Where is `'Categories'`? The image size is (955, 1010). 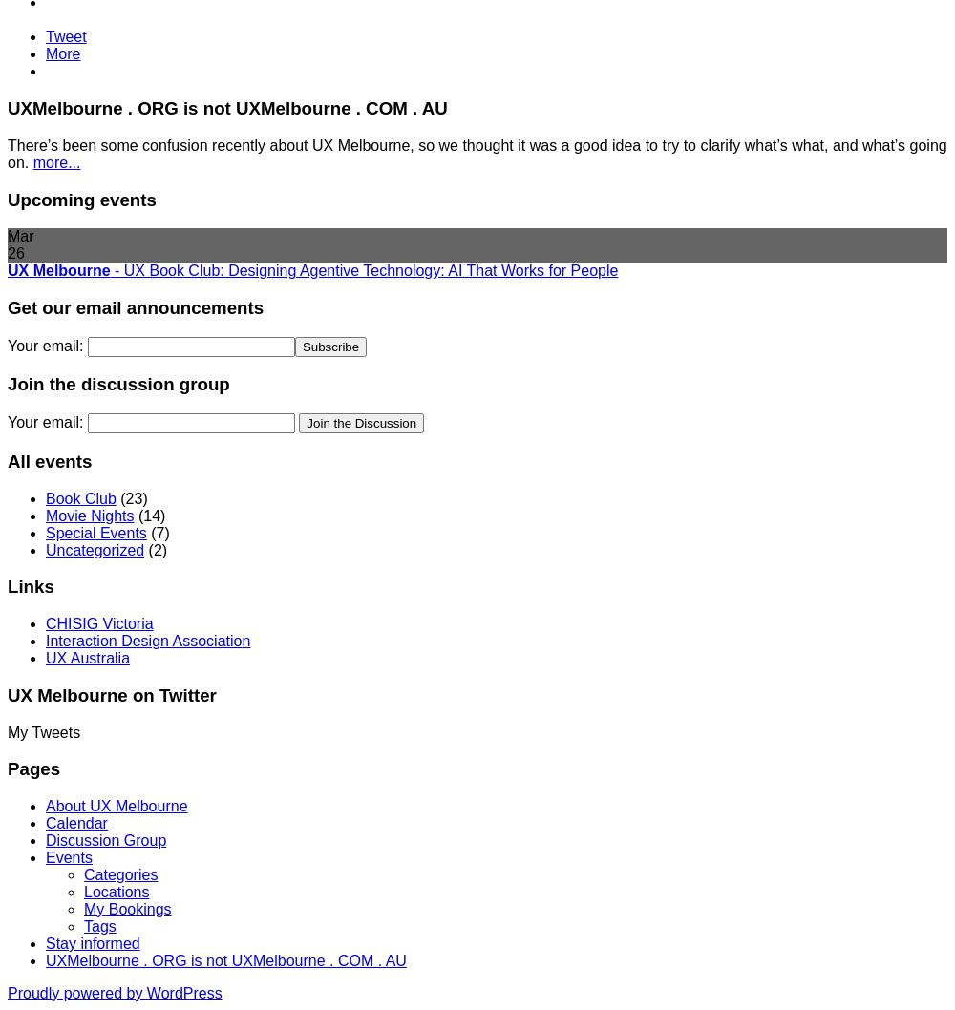 'Categories' is located at coordinates (120, 873).